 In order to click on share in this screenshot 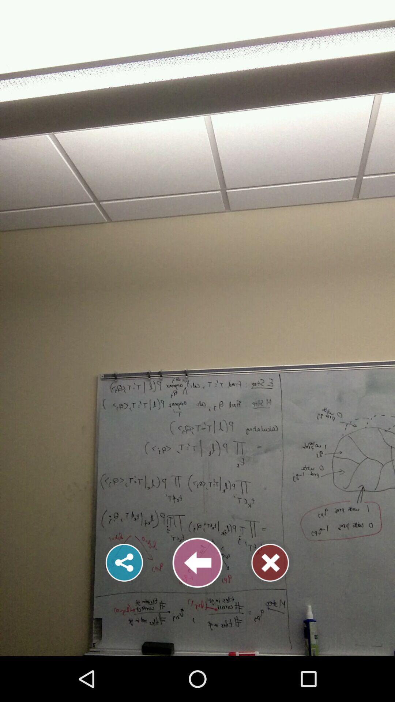, I will do `click(124, 562)`.